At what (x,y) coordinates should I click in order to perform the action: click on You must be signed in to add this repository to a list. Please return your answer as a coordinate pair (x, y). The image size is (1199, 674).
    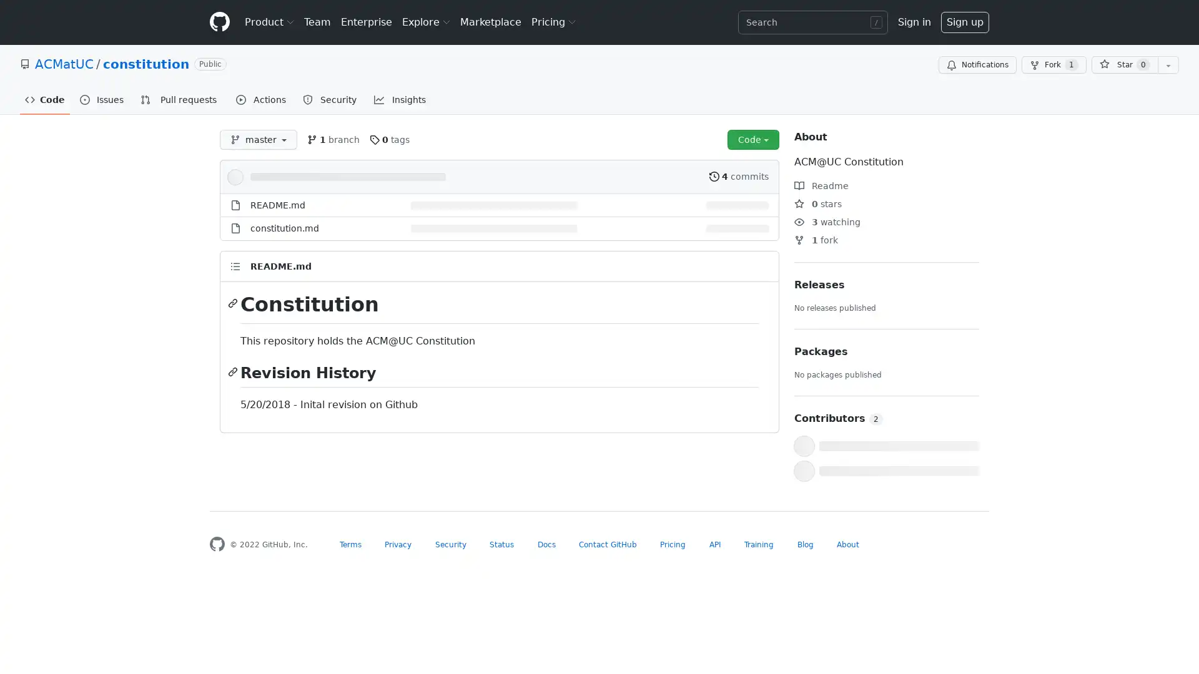
    Looking at the image, I should click on (1168, 65).